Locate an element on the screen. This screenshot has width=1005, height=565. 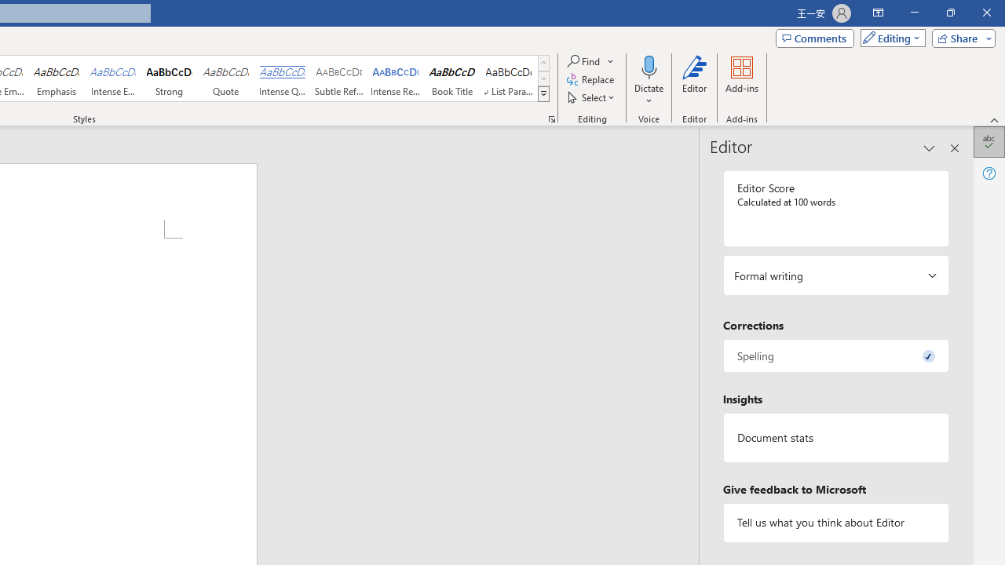
'Subtle Reference' is located at coordinates (338, 78).